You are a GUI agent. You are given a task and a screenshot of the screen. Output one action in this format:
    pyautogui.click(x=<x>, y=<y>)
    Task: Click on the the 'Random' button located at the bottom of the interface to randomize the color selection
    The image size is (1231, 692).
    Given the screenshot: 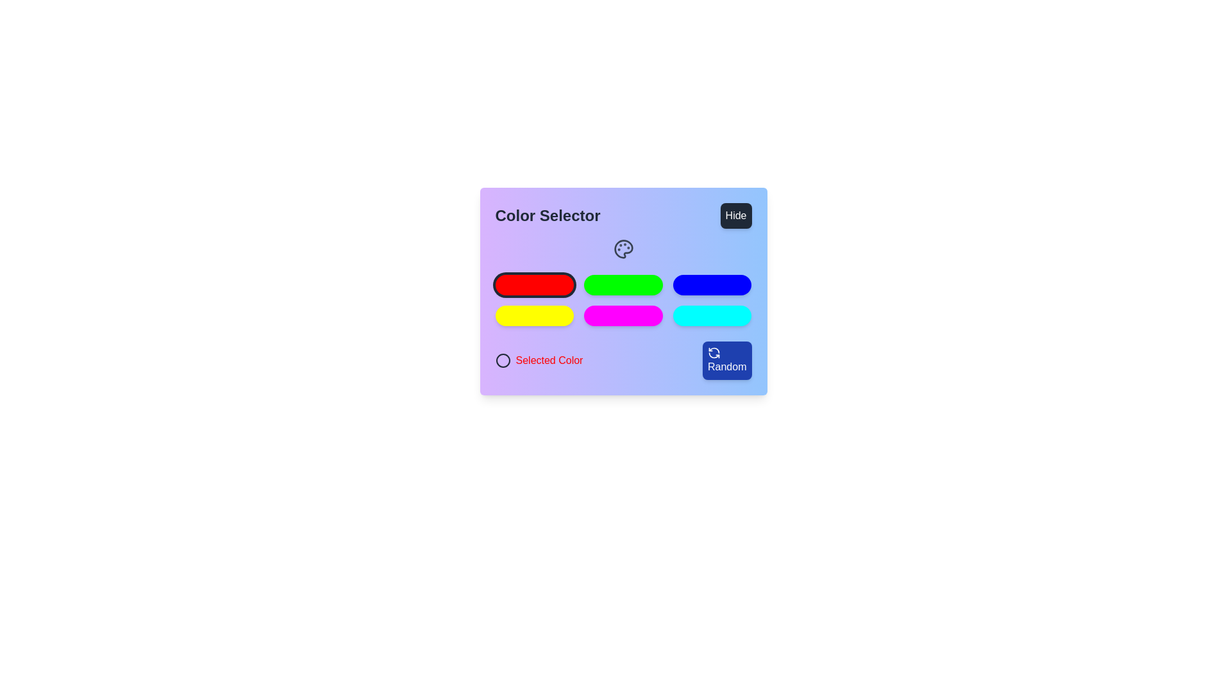 What is the action you would take?
    pyautogui.click(x=623, y=361)
    